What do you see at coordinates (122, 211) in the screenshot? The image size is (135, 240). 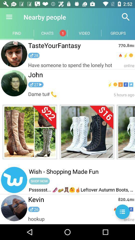 I see `the list icon` at bounding box center [122, 211].